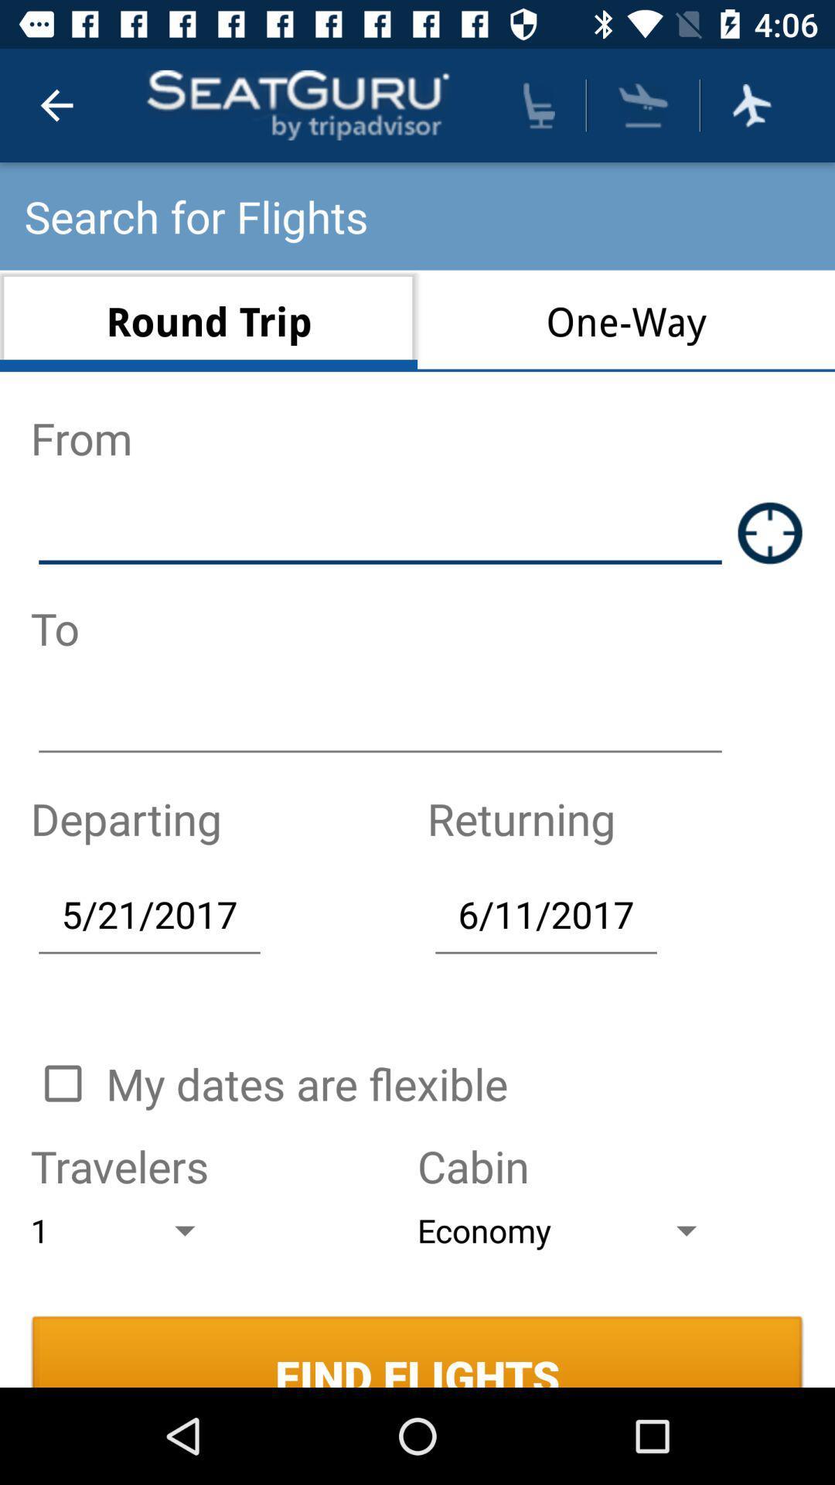 This screenshot has width=835, height=1485. What do you see at coordinates (380, 722) in the screenshot?
I see `something to write bar` at bounding box center [380, 722].